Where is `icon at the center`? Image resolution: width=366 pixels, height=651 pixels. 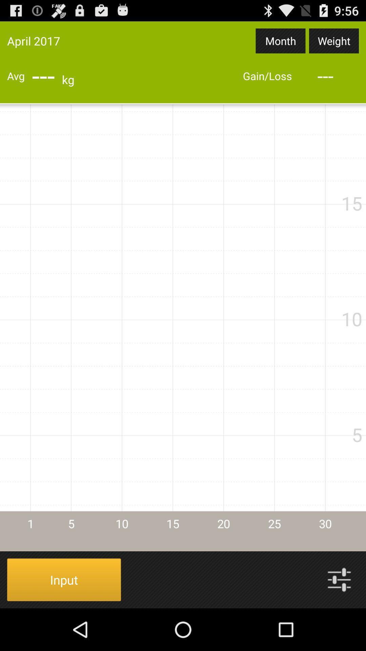
icon at the center is located at coordinates (183, 328).